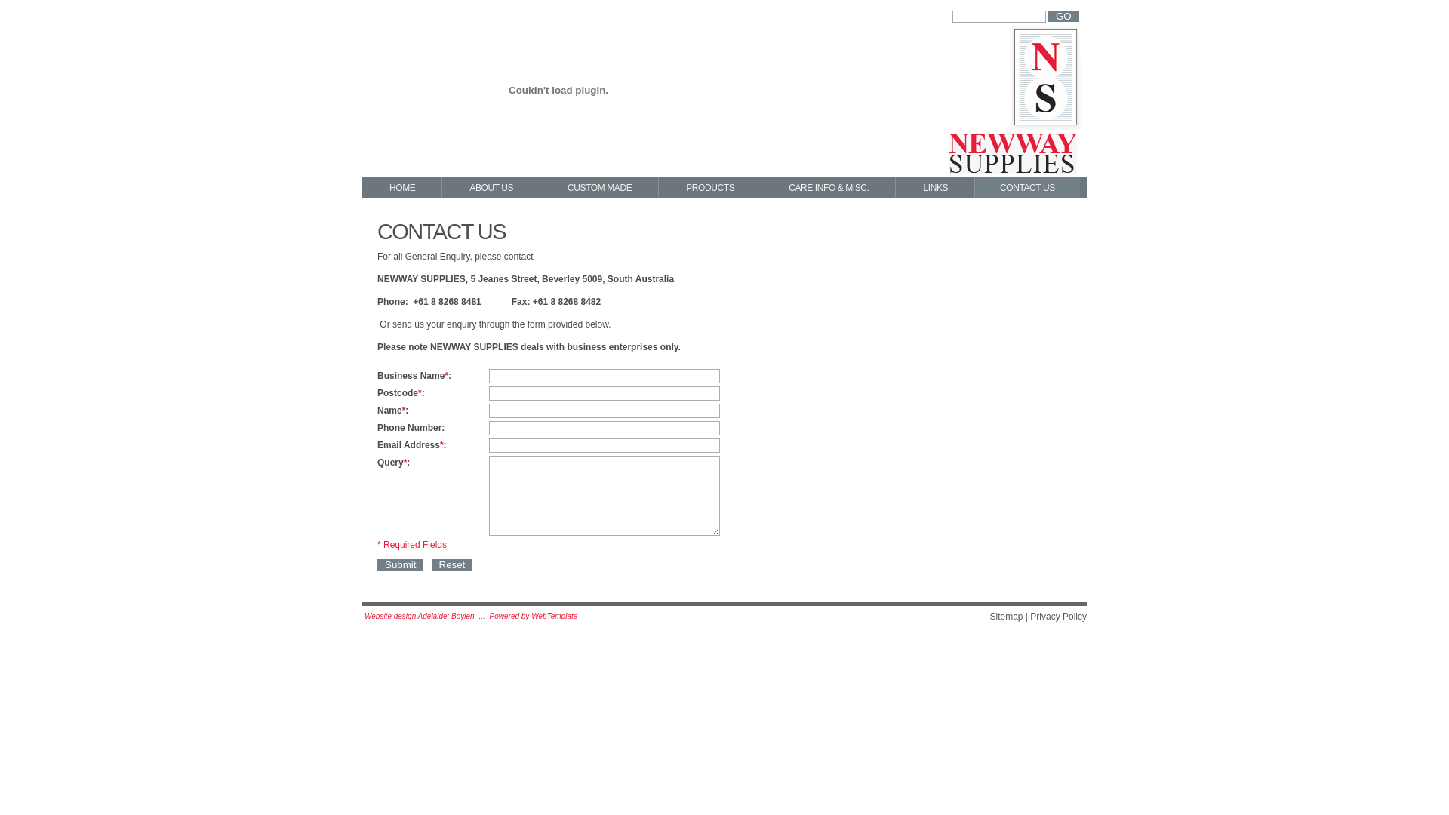 The width and height of the screenshot is (1449, 815). I want to click on 'Powered by WebTemplate', so click(489, 616).